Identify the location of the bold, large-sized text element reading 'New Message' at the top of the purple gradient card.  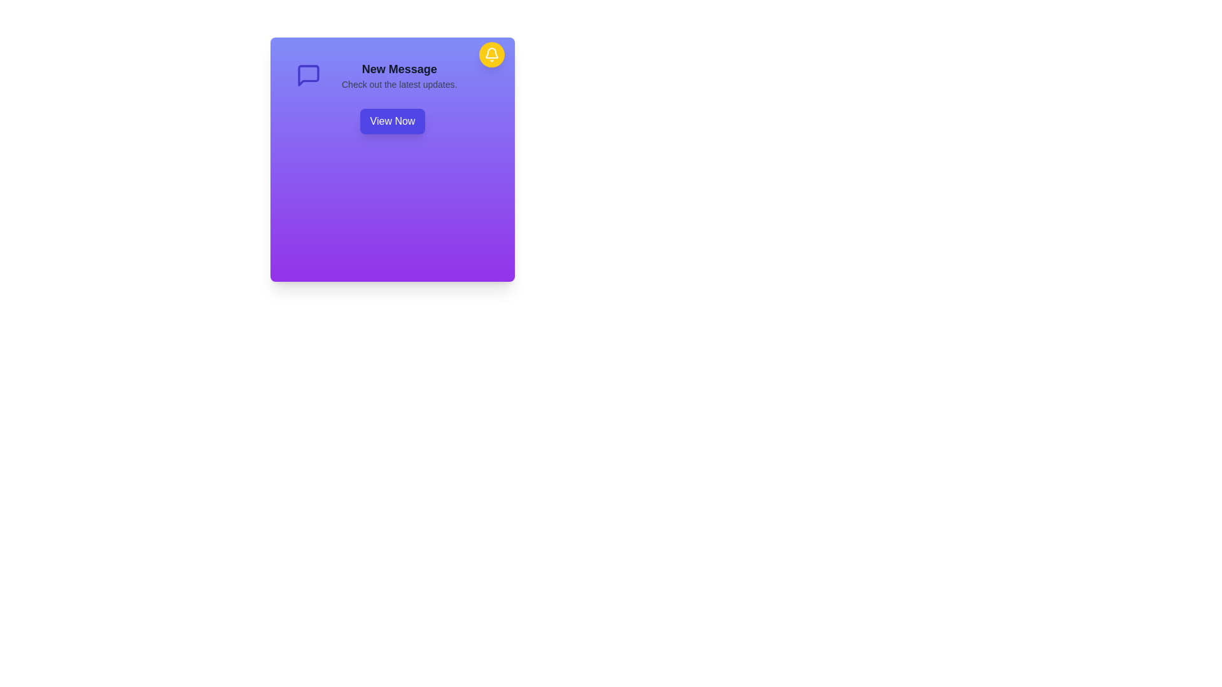
(398, 69).